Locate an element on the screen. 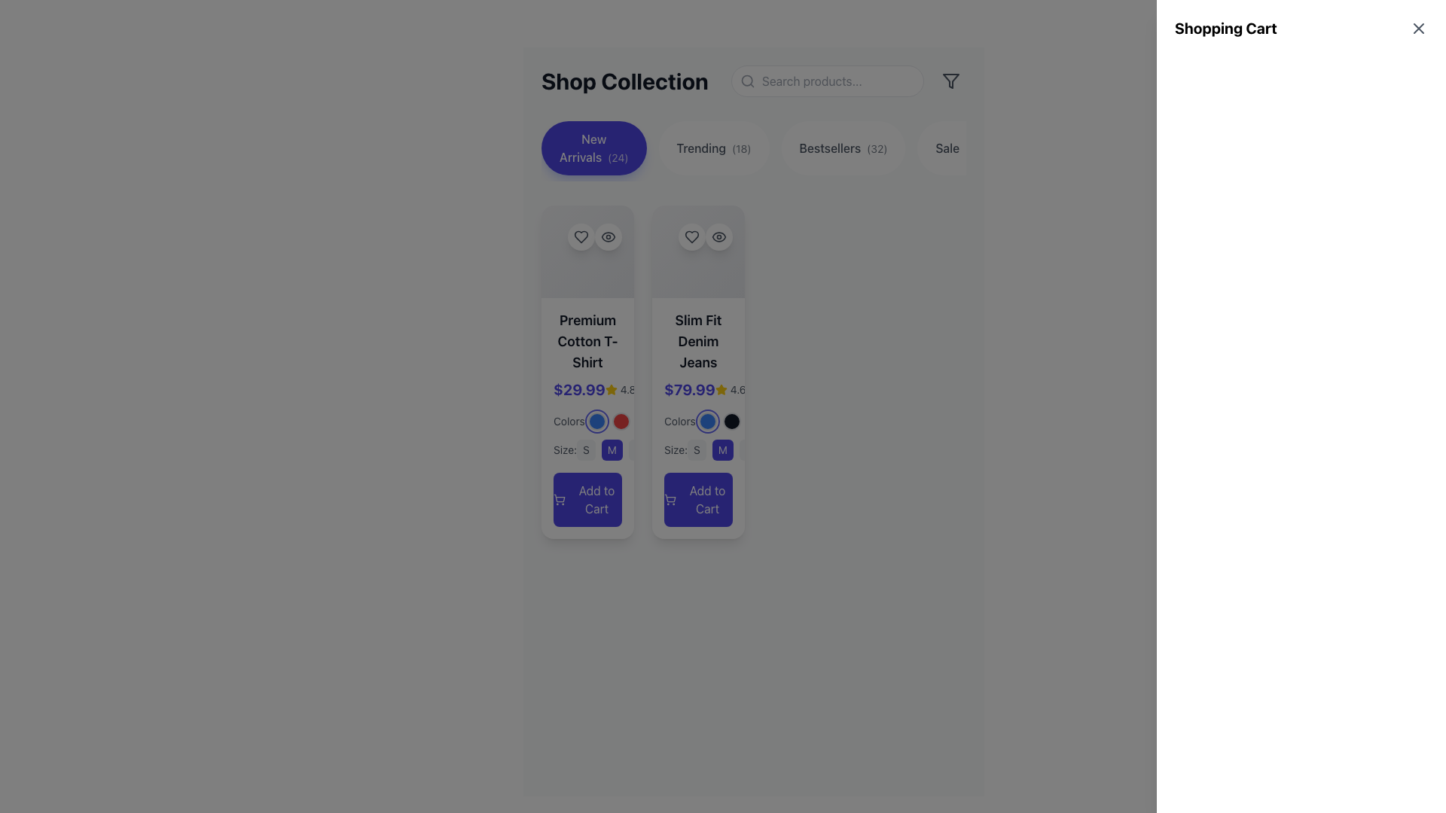 The image size is (1446, 813). the first circular color selection button is located at coordinates (596, 421).